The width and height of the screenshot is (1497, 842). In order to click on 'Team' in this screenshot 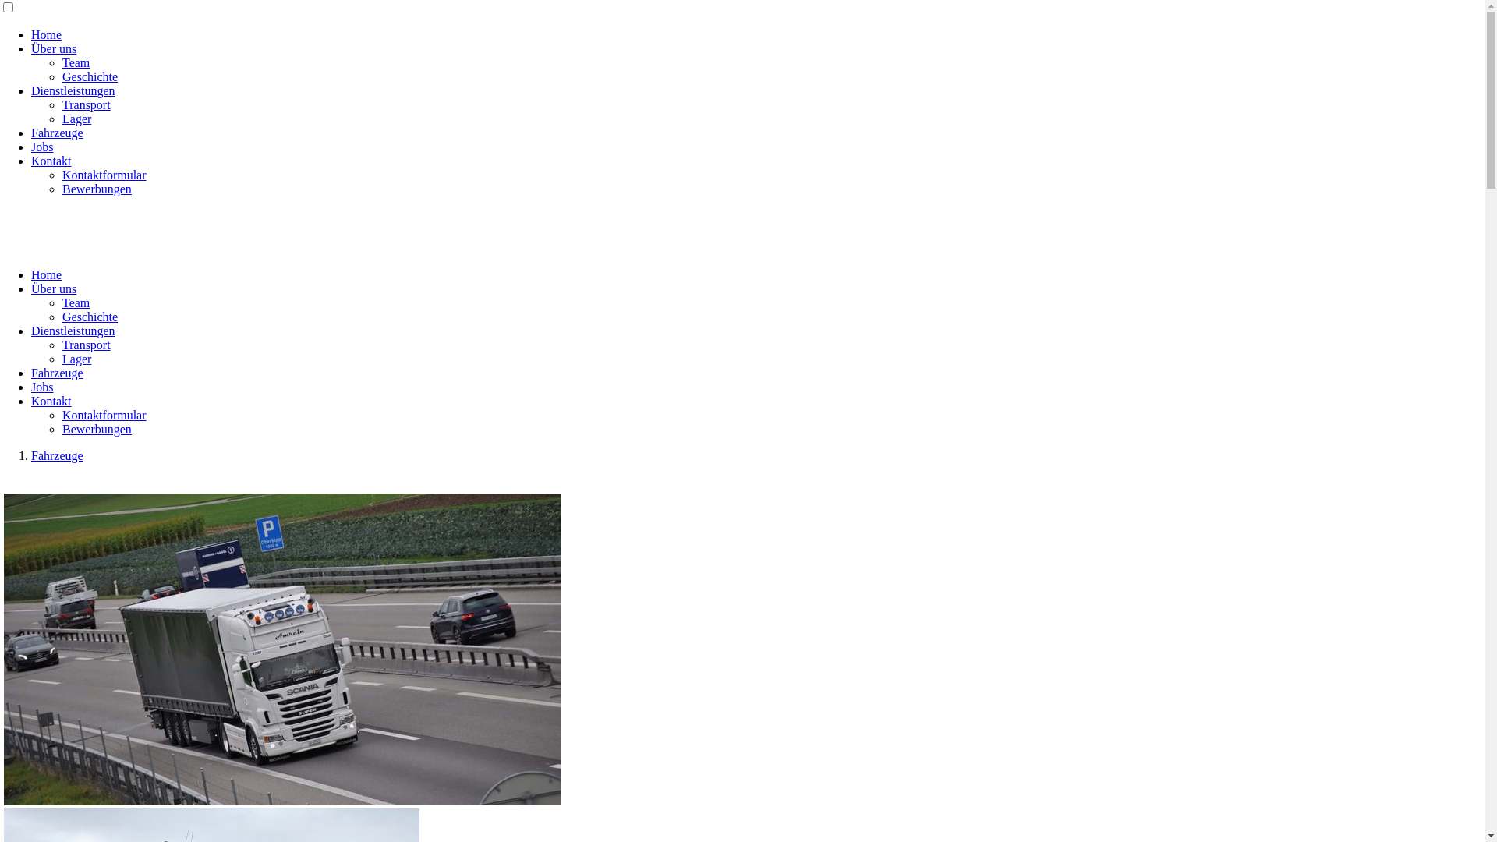, I will do `click(75, 302)`.